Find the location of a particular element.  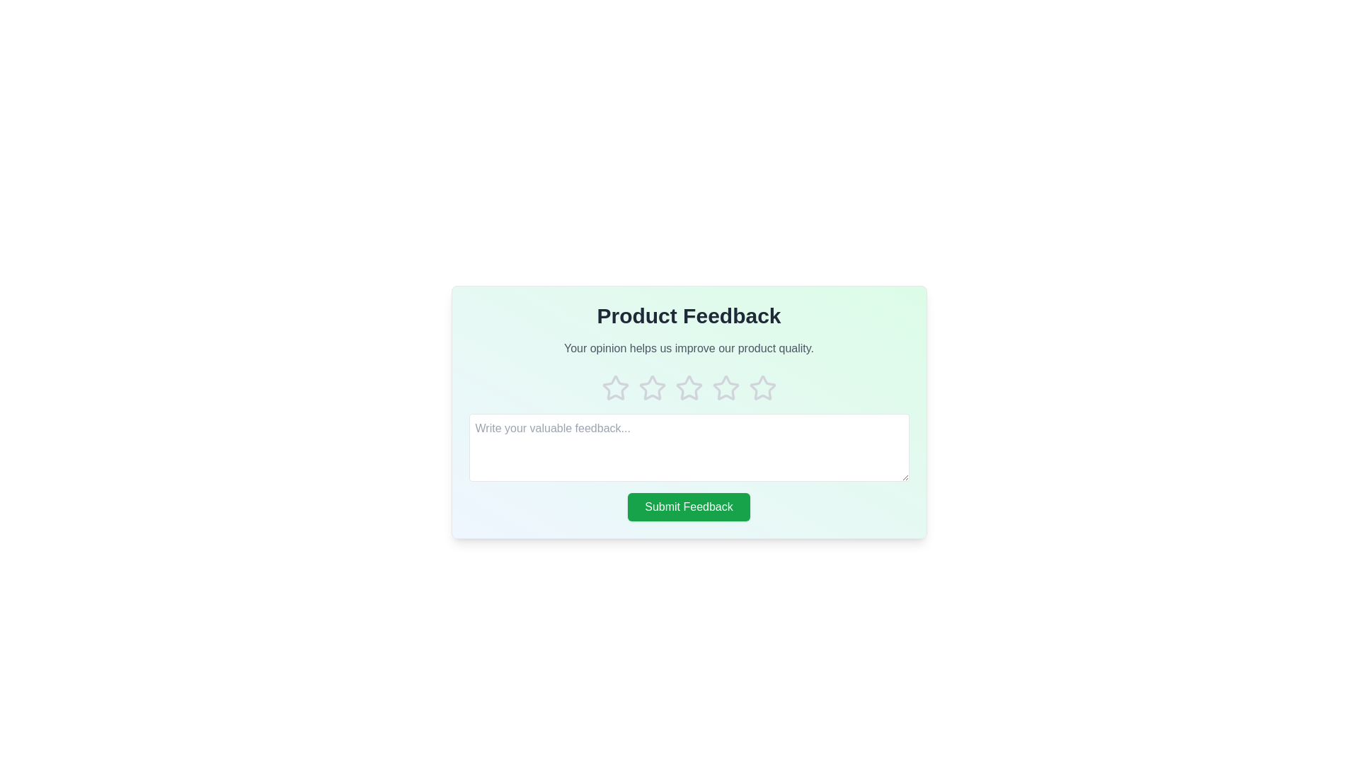

the third star in the row of five rating stars is located at coordinates (651, 388).